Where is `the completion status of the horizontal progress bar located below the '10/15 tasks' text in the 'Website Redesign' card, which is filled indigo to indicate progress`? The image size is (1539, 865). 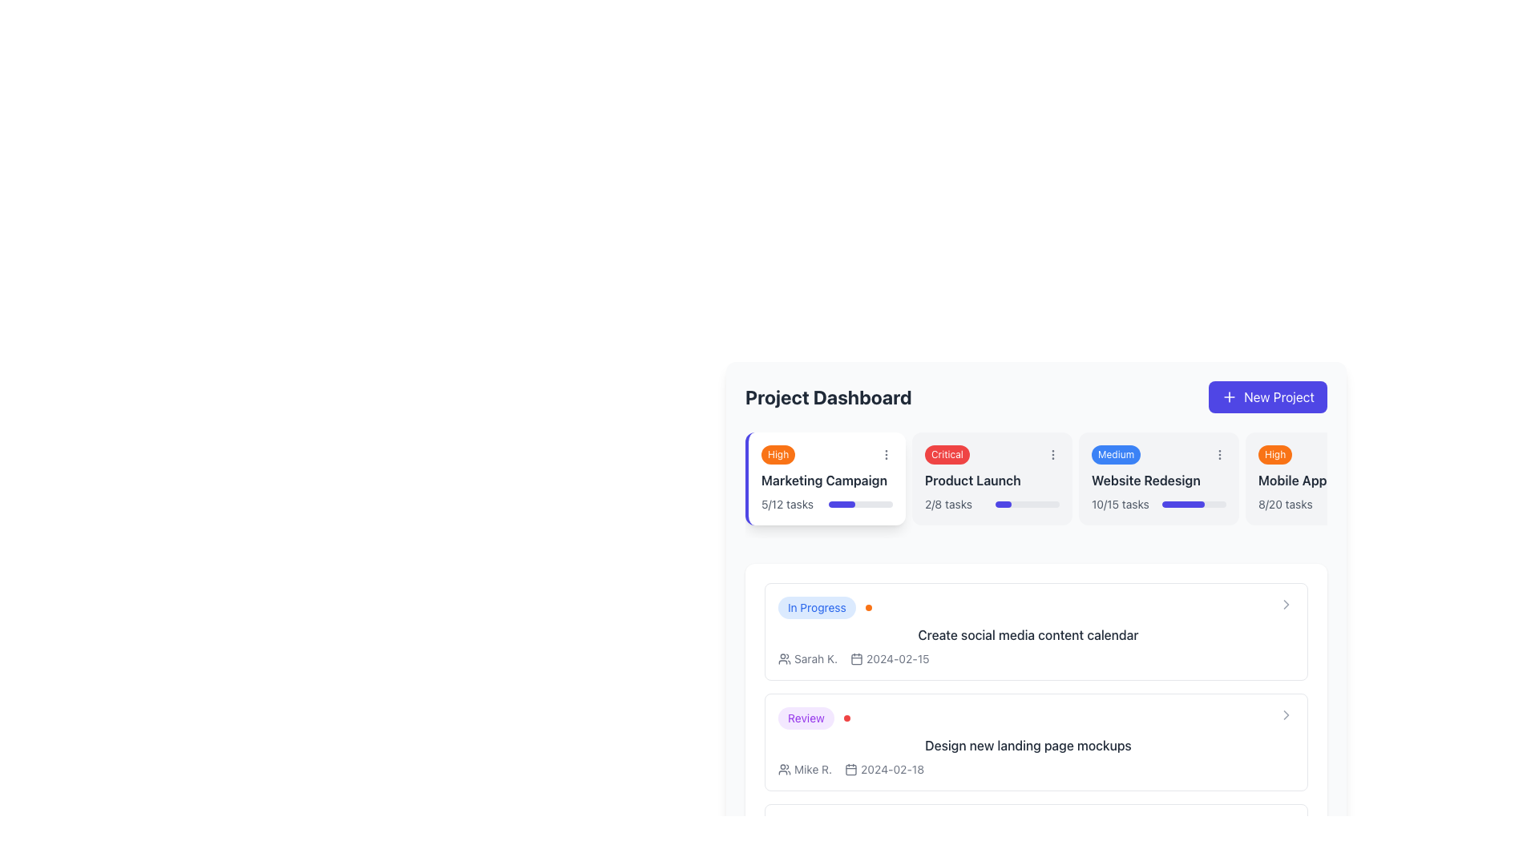 the completion status of the horizontal progress bar located below the '10/15 tasks' text in the 'Website Redesign' card, which is filled indigo to indicate progress is located at coordinates (1194, 503).